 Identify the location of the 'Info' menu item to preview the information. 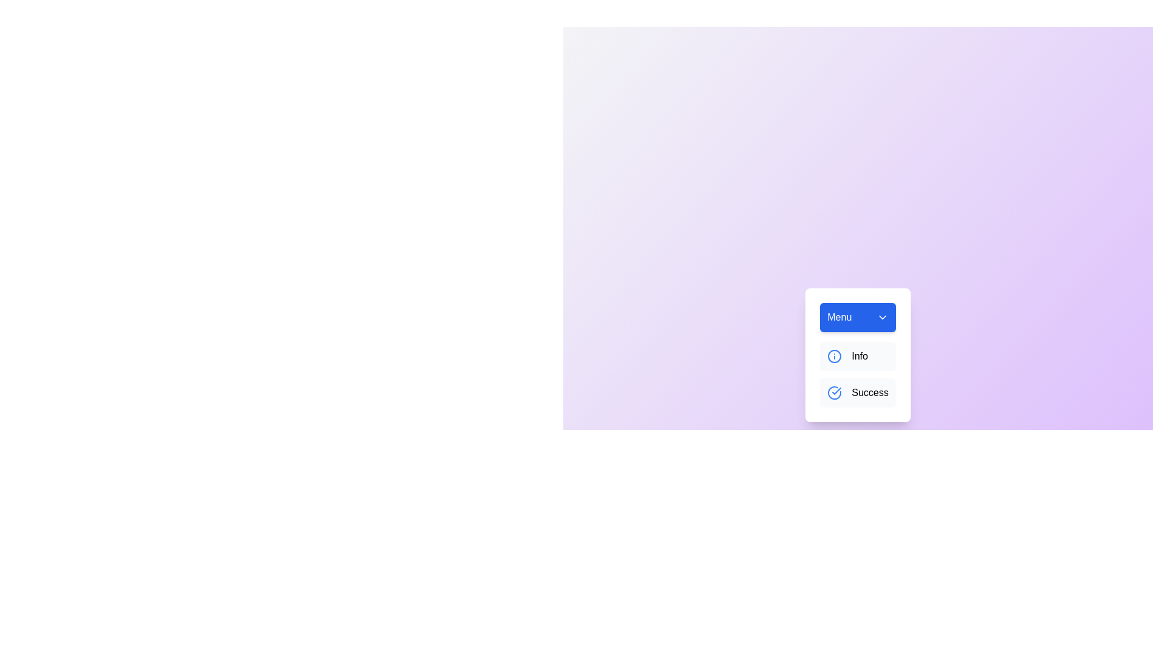
(857, 356).